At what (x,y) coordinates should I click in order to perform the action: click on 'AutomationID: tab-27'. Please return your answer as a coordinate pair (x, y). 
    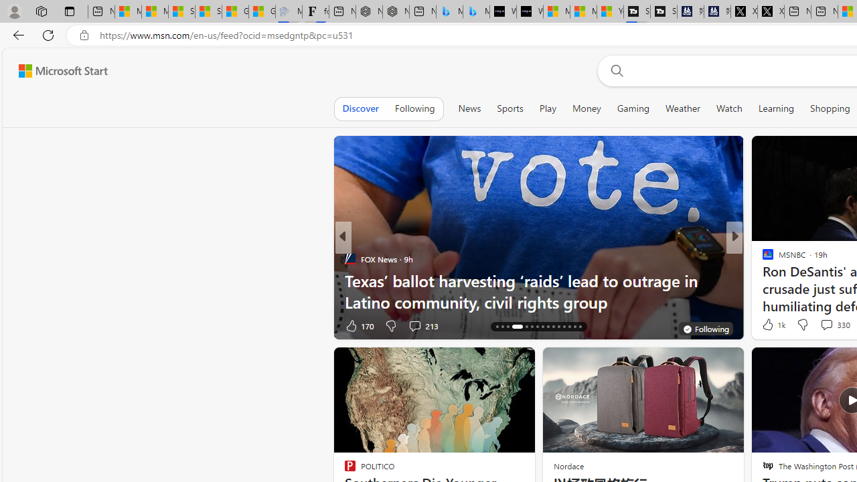
    Looking at the image, I should click on (564, 327).